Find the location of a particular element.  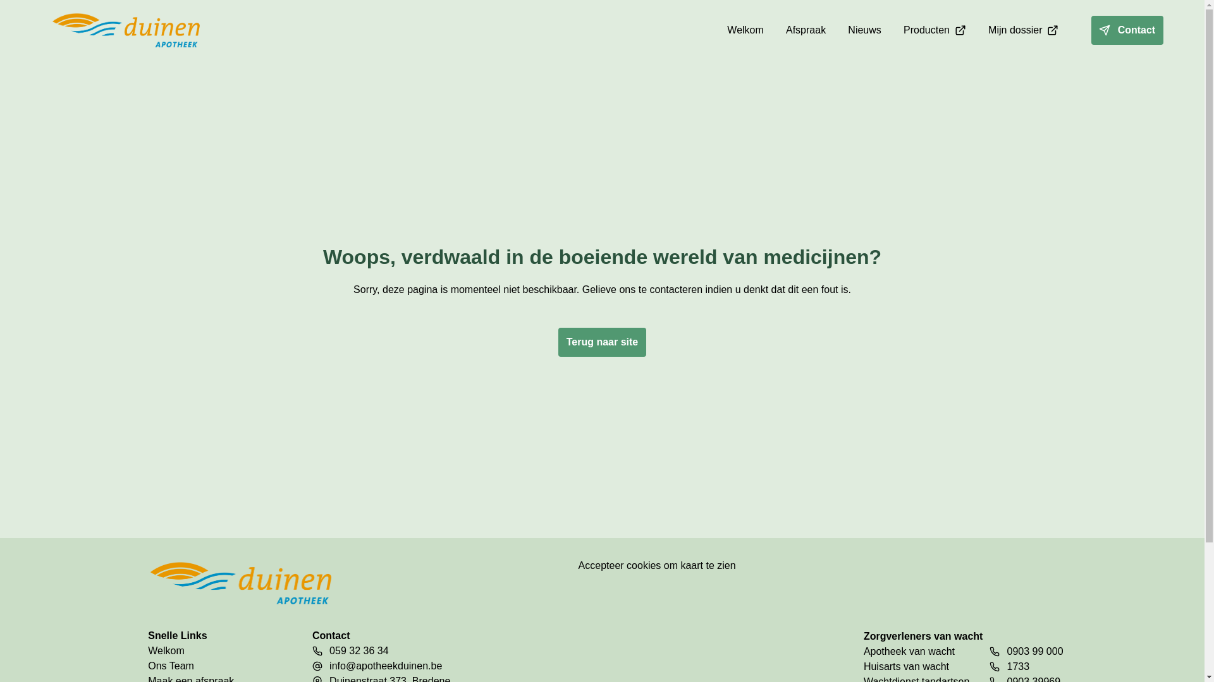

'Producten' is located at coordinates (935, 29).